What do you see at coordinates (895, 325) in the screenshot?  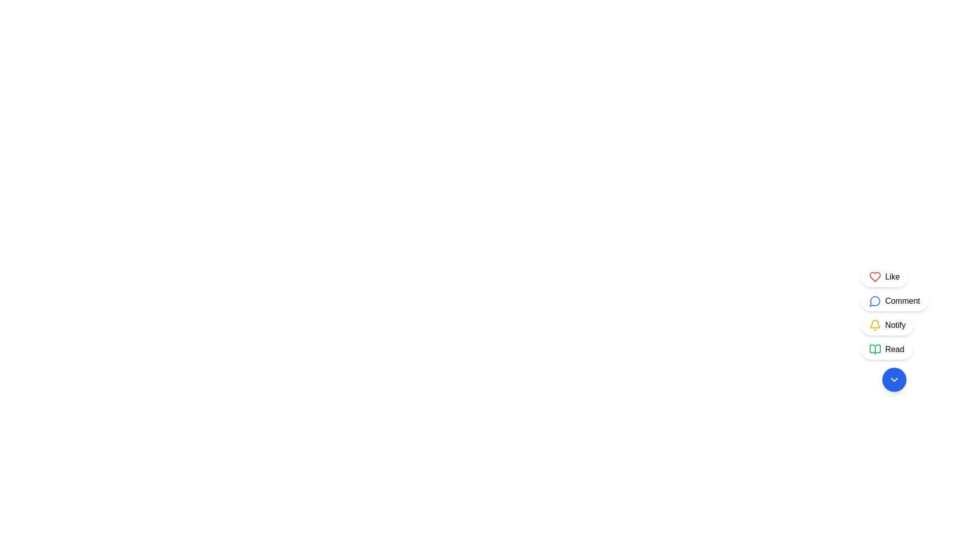 I see `the button containing the static text label aligned to the right that triggers the 'Notify' functionality. This button is the third option from the top in a vertical stack of similar buttons located near the right edge of the interface` at bounding box center [895, 325].